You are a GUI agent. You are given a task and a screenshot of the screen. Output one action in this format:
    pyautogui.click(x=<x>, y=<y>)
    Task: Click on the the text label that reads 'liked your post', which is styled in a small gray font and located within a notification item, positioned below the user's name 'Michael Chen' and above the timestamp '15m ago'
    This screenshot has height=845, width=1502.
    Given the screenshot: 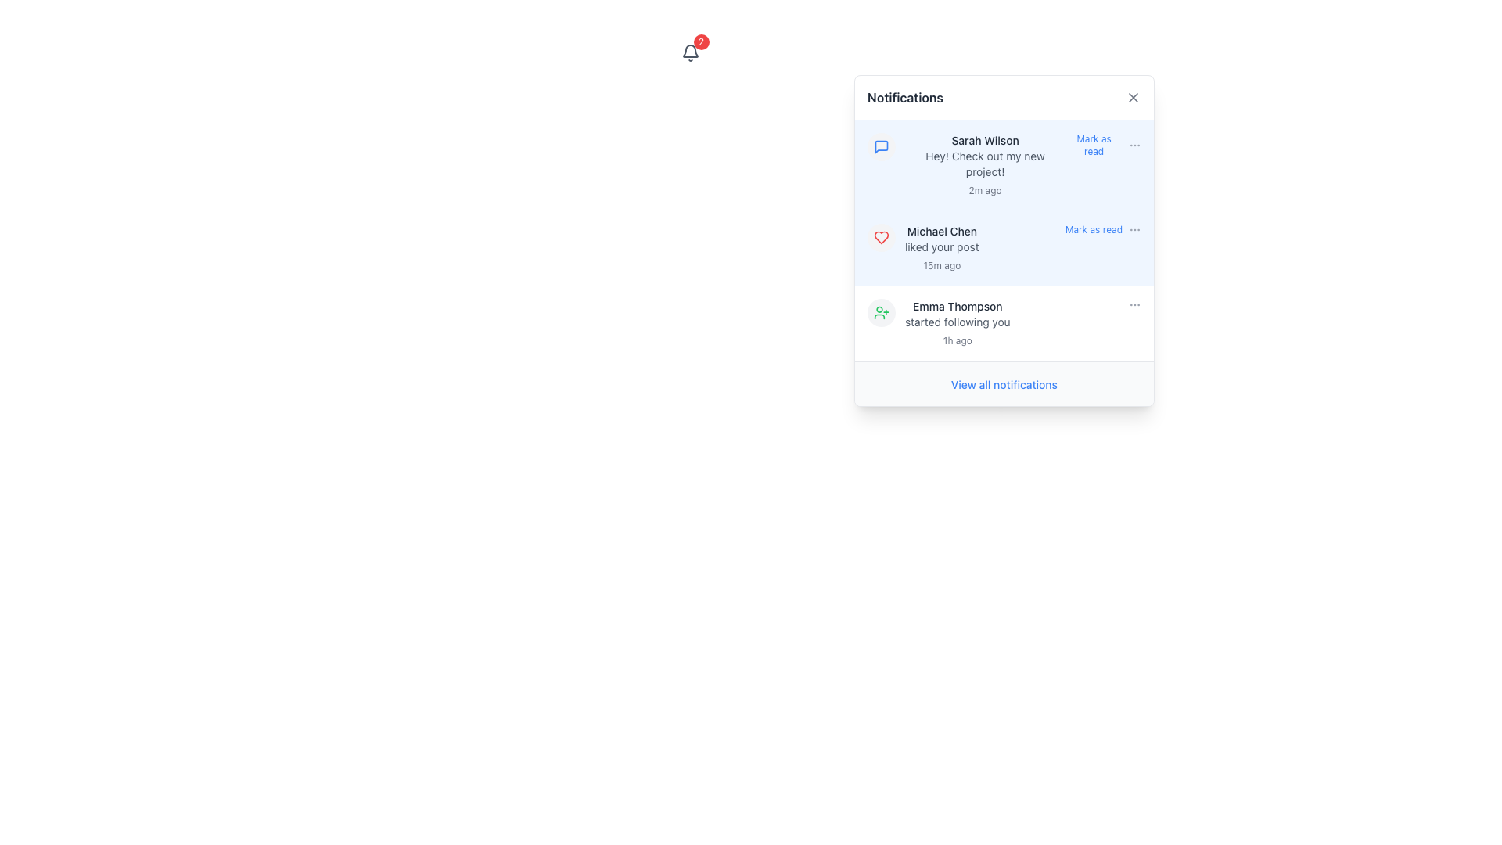 What is the action you would take?
    pyautogui.click(x=941, y=246)
    